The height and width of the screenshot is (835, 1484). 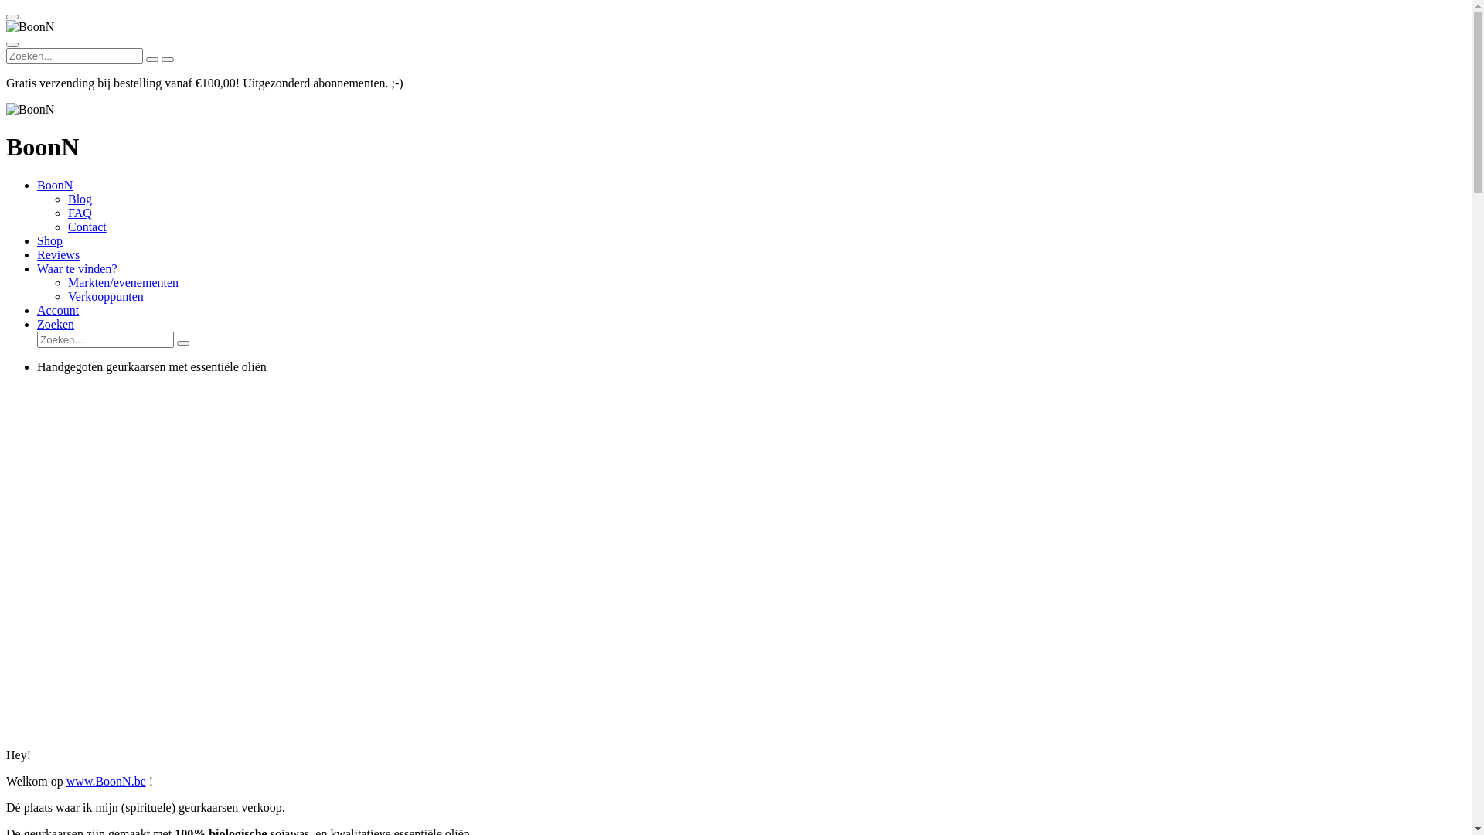 What do you see at coordinates (66, 282) in the screenshot?
I see `'Markten/evenementen'` at bounding box center [66, 282].